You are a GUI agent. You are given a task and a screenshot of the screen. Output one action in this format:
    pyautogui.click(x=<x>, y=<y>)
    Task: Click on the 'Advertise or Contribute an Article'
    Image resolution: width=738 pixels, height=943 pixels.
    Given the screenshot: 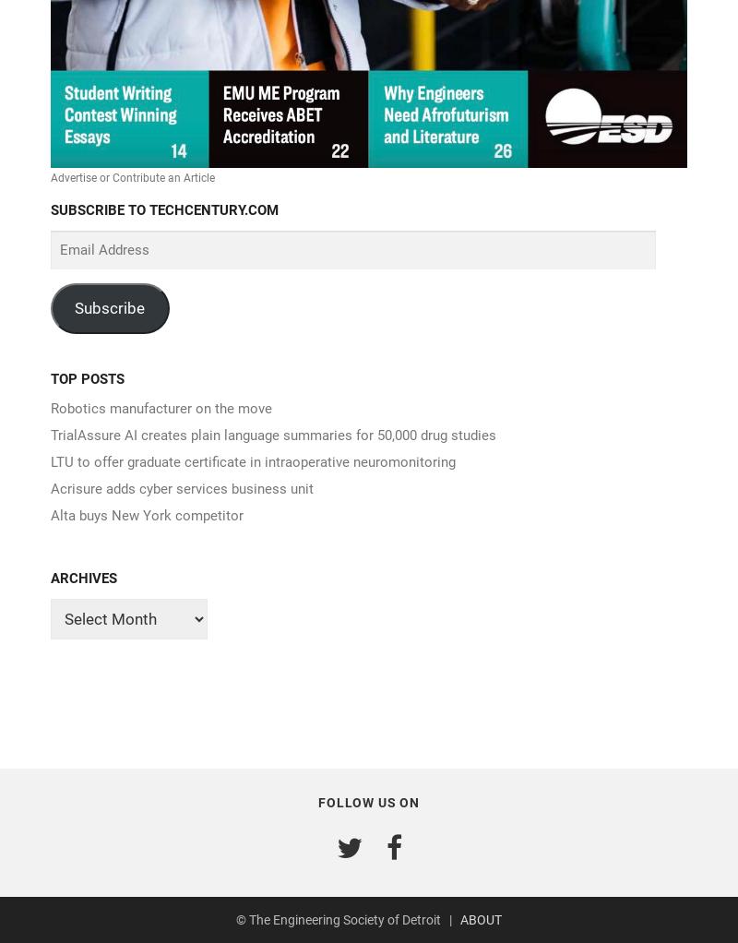 What is the action you would take?
    pyautogui.click(x=50, y=177)
    